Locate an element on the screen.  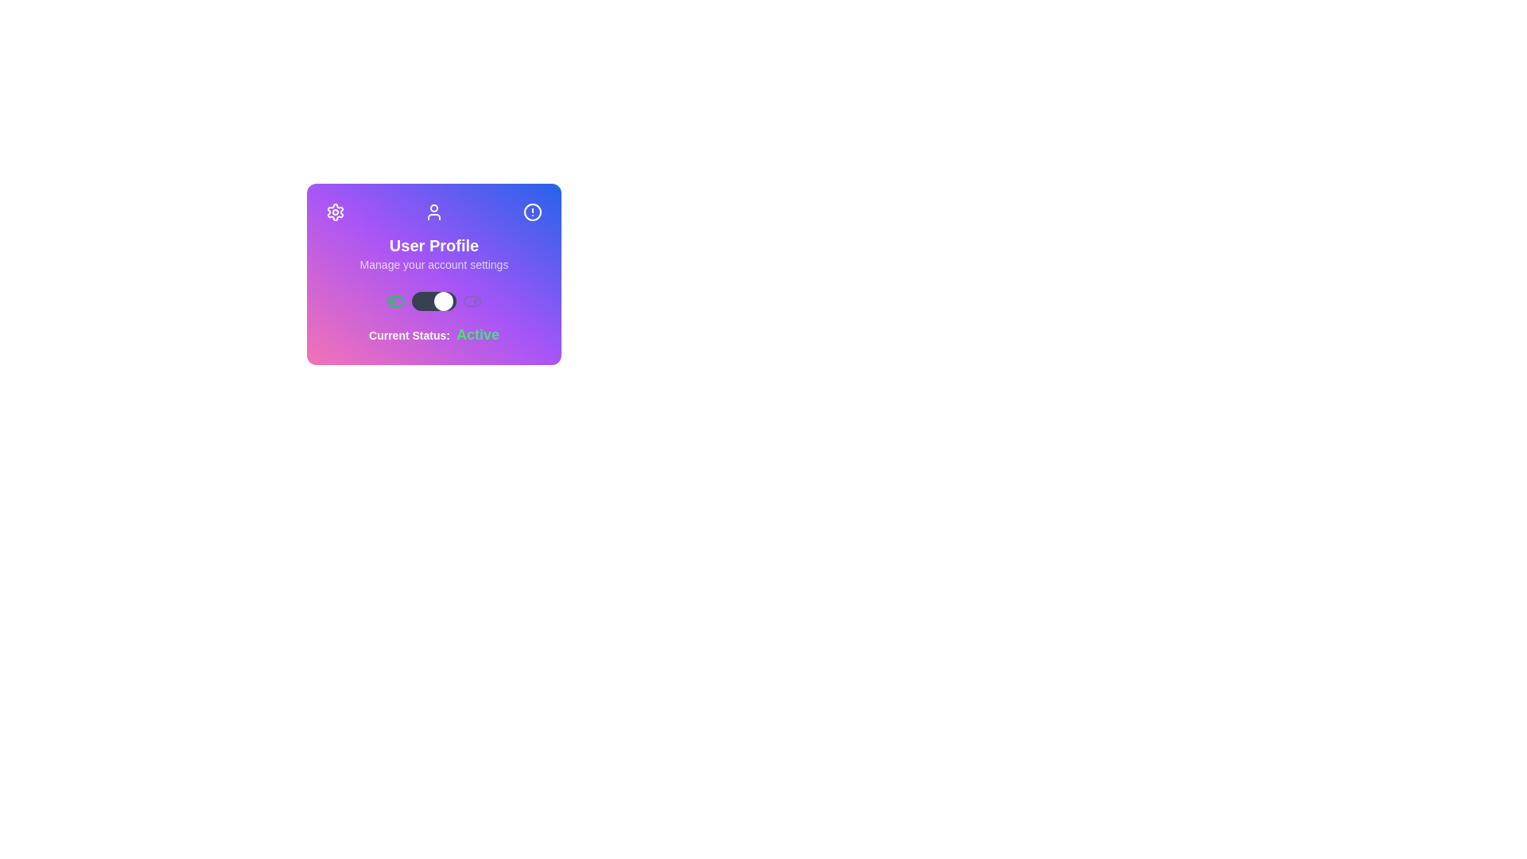
the rightmost toggle switch icon is located at coordinates (472, 301).